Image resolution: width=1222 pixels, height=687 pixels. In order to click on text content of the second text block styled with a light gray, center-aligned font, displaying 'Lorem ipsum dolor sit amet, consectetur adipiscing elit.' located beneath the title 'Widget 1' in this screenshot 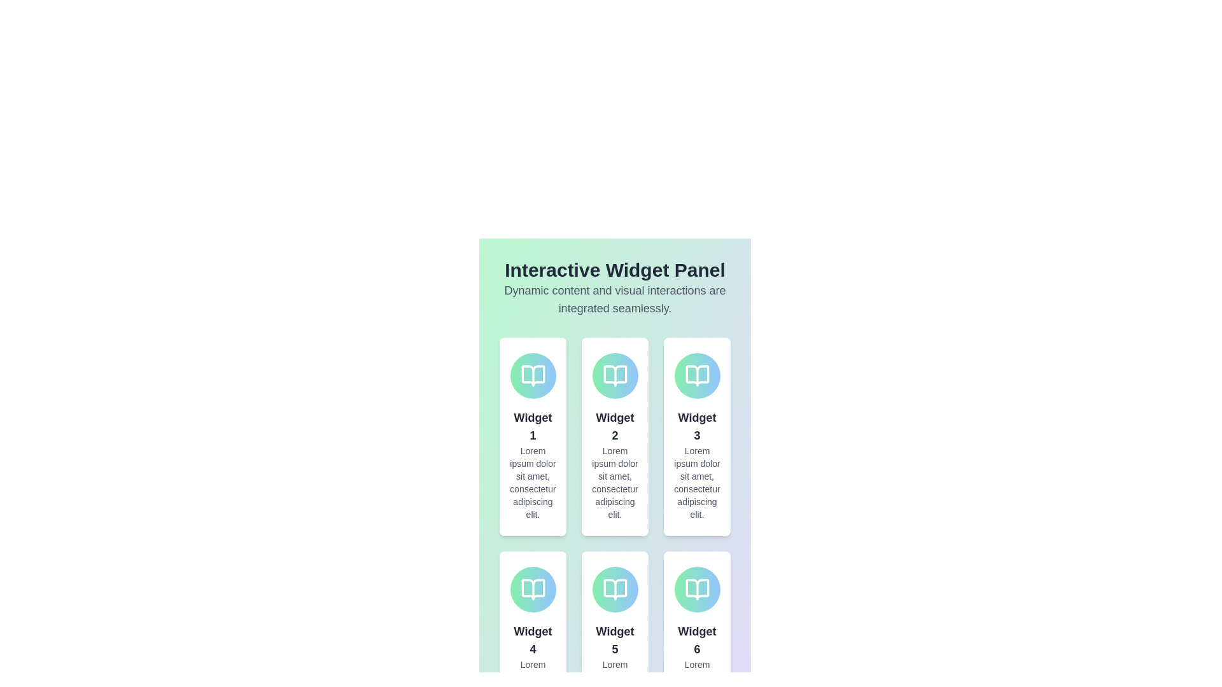, I will do `click(533, 483)`.